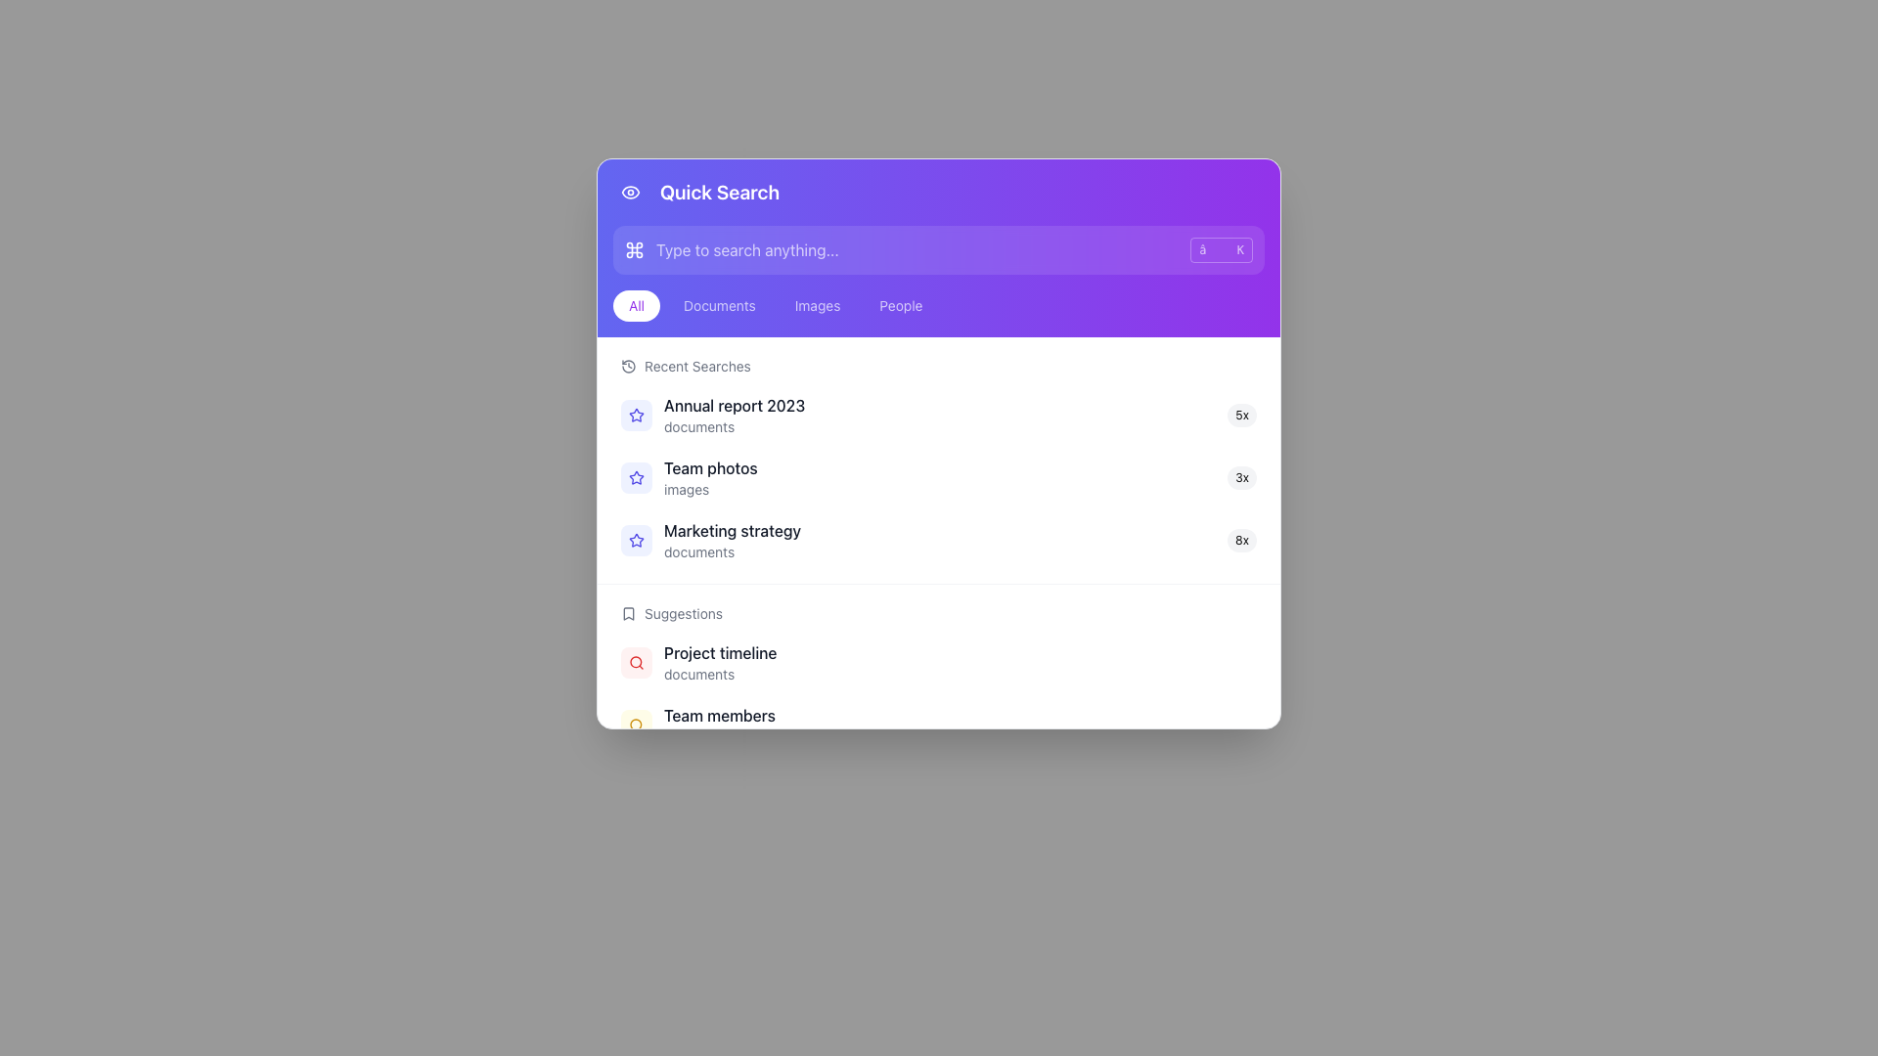  Describe the element at coordinates (900, 305) in the screenshot. I see `the 'People' filter button, which is the fourth button in a horizontal group of buttons for category selection in the upper central area of the interface` at that location.